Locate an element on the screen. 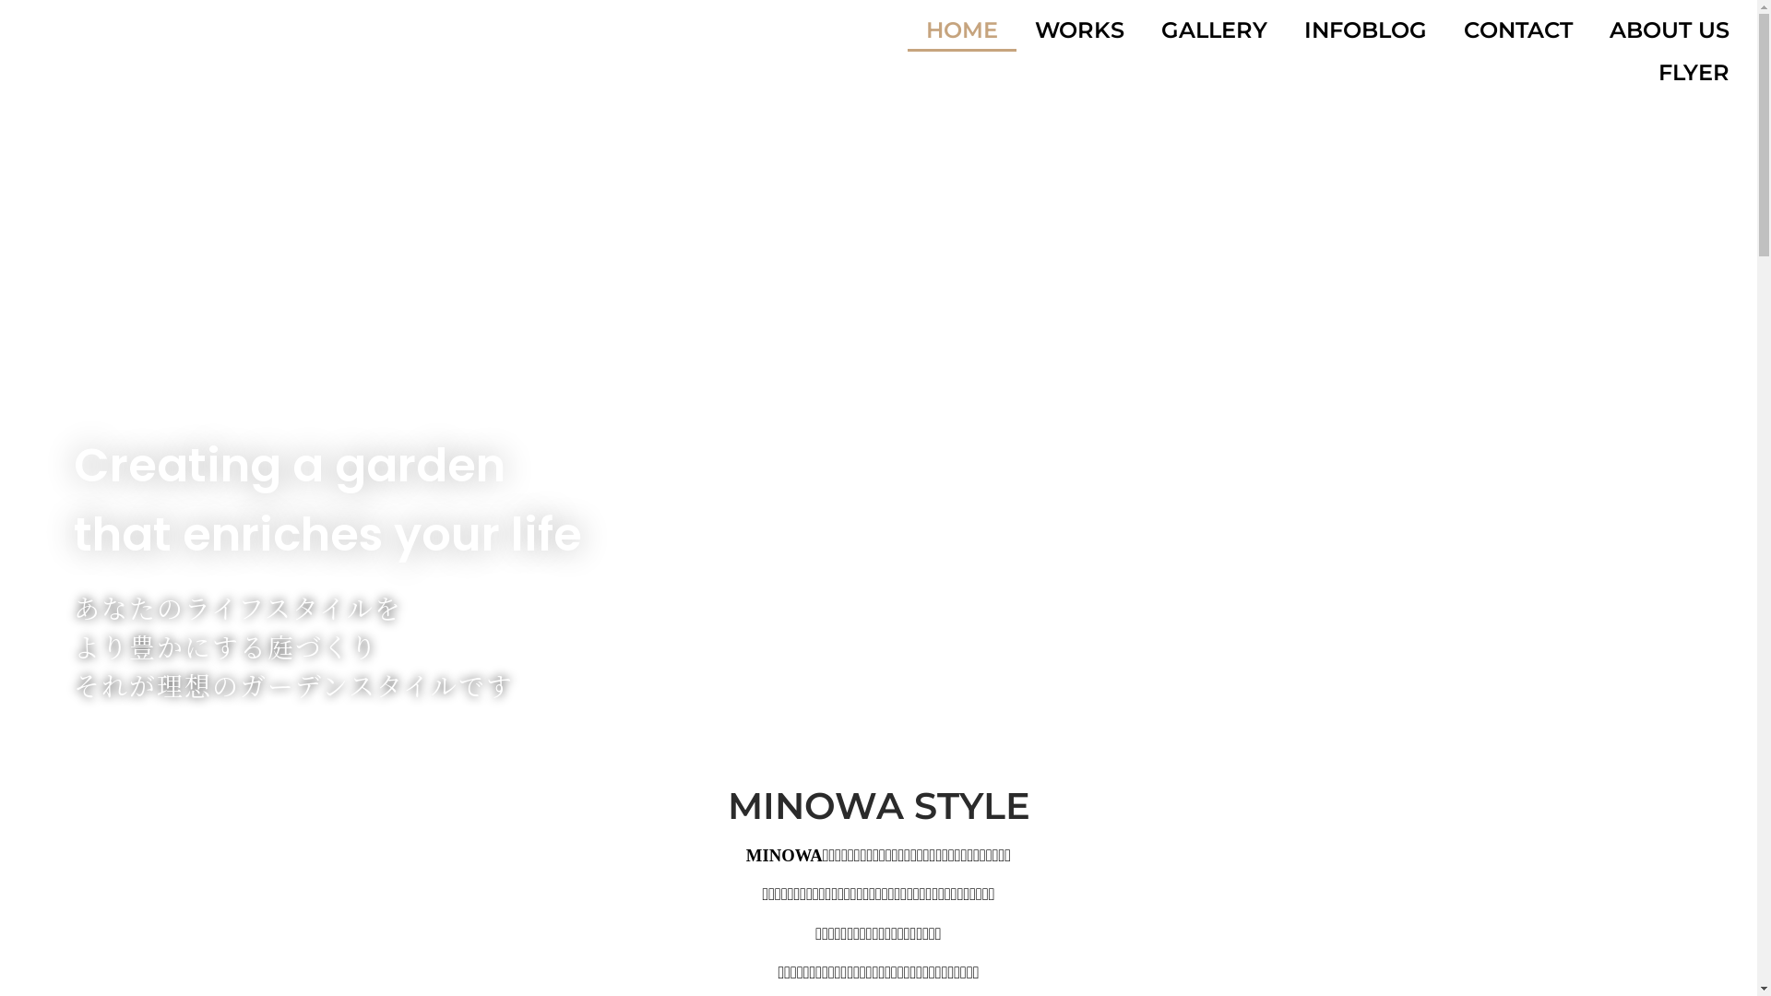 The image size is (1771, 996). 'HOME' is located at coordinates (960, 30).